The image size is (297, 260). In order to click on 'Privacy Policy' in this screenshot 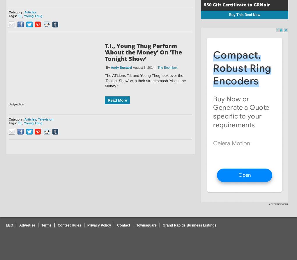, I will do `click(99, 225)`.